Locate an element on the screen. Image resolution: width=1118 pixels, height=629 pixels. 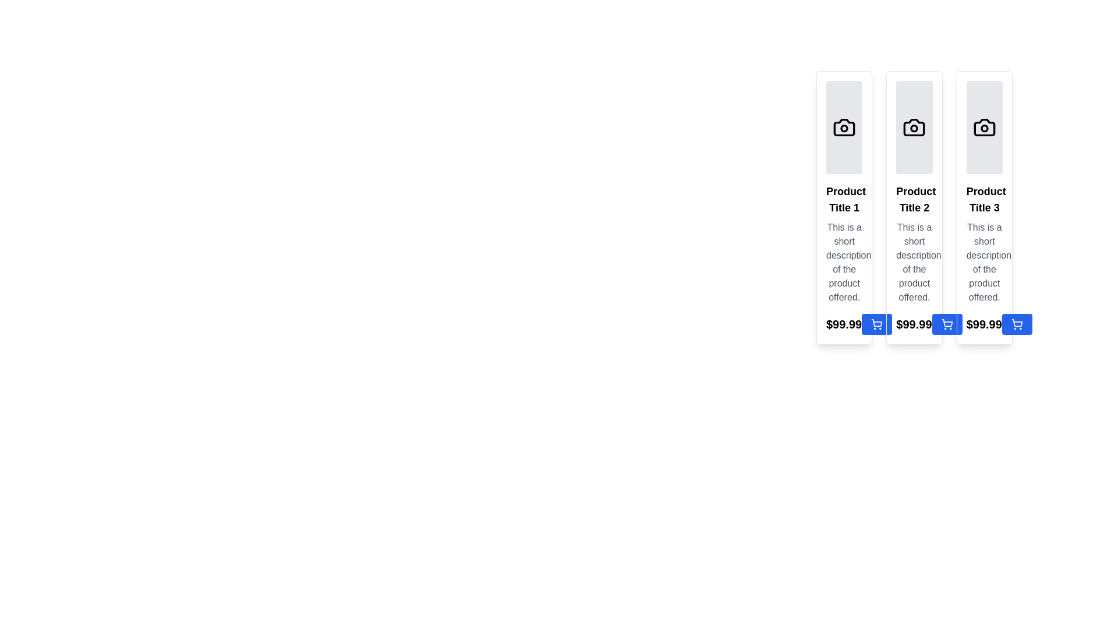
price displayed as '$99.99' in bold font located at the bottom of the product card labeled 'Product Title 3' is located at coordinates (983, 324).